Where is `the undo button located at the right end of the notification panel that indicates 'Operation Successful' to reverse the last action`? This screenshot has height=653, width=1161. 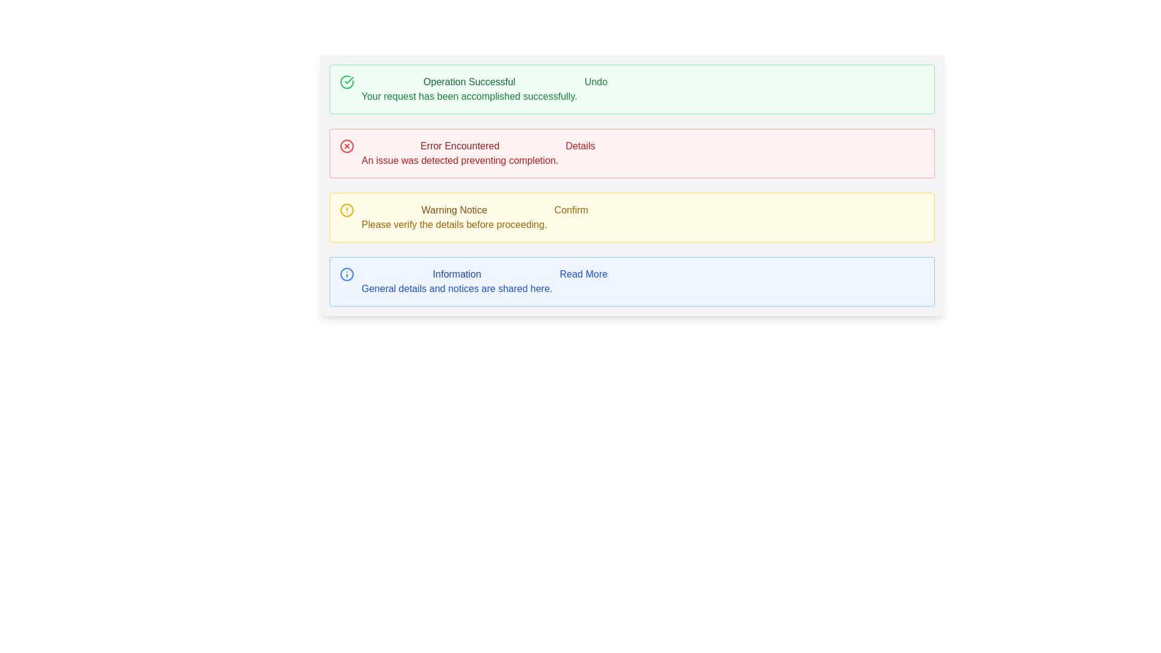 the undo button located at the right end of the notification panel that indicates 'Operation Successful' to reverse the last action is located at coordinates (596, 82).